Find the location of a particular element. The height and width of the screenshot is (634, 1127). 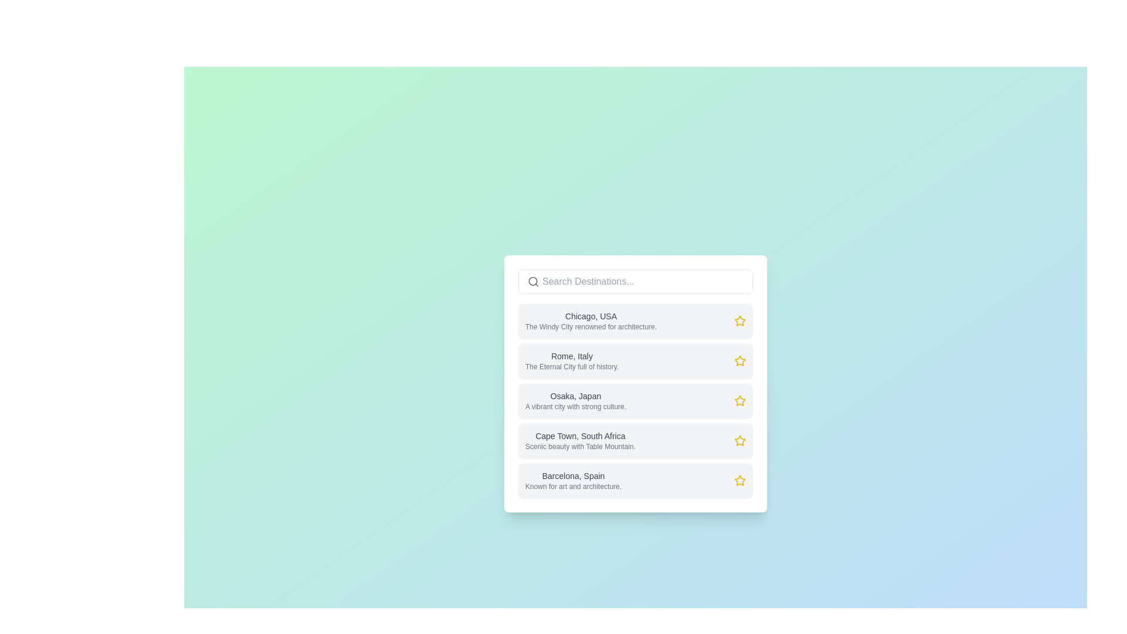

the star icon at the extreme right of the list item associated with 'Rome, Italy' is located at coordinates (740, 360).